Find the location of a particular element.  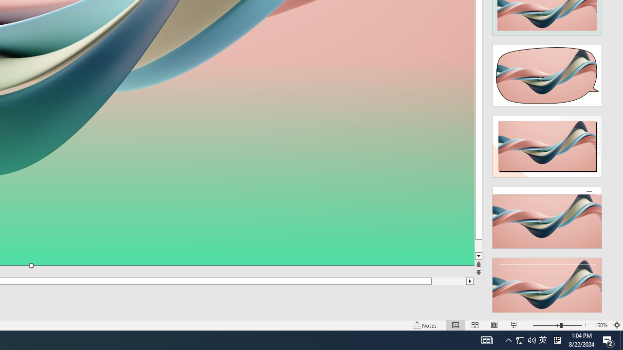

'Zoom 150%' is located at coordinates (600, 325).